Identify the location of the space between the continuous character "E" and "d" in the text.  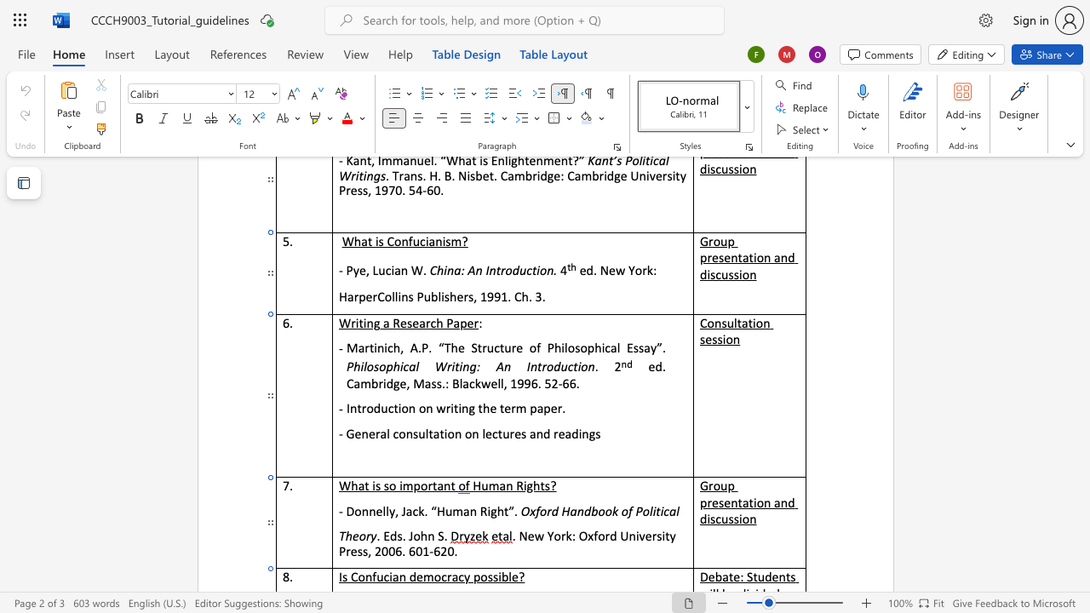
(389, 535).